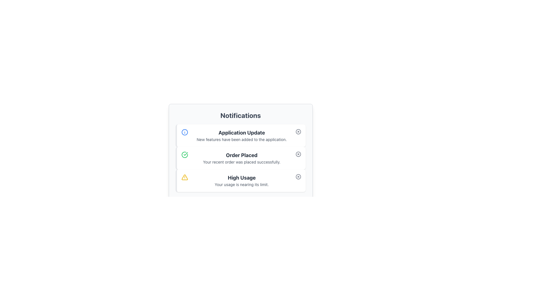 Image resolution: width=540 pixels, height=304 pixels. I want to click on the second notification card in the Notifications panel that informs the user about the successful placement of their recent order, so click(240, 158).